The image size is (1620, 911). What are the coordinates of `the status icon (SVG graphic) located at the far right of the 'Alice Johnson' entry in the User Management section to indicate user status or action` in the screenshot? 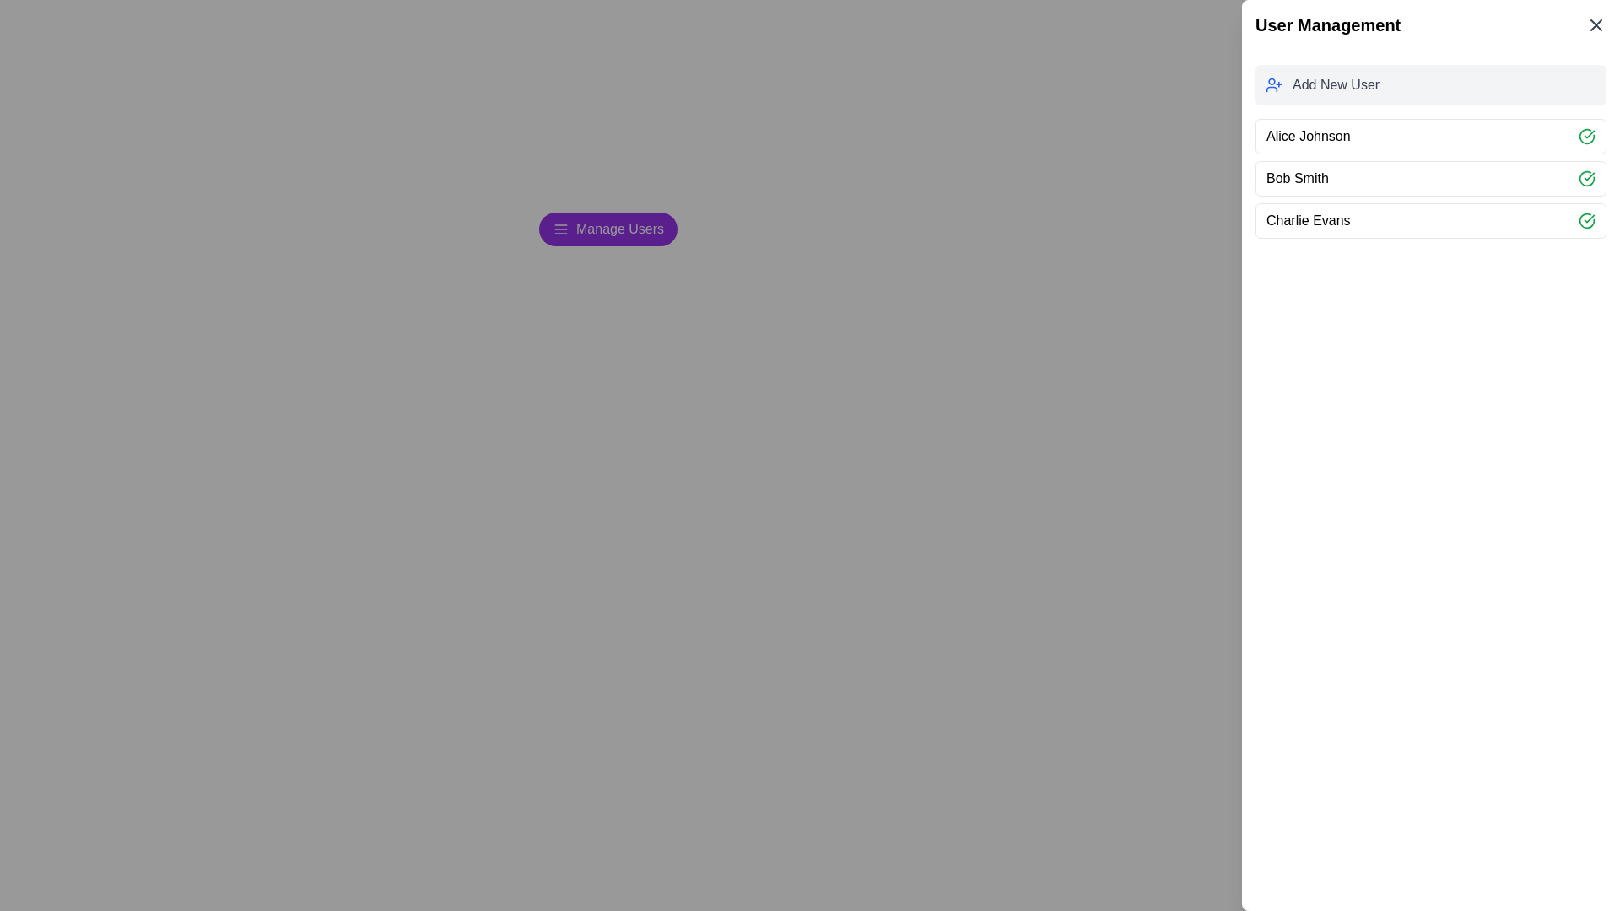 It's located at (1586, 136).